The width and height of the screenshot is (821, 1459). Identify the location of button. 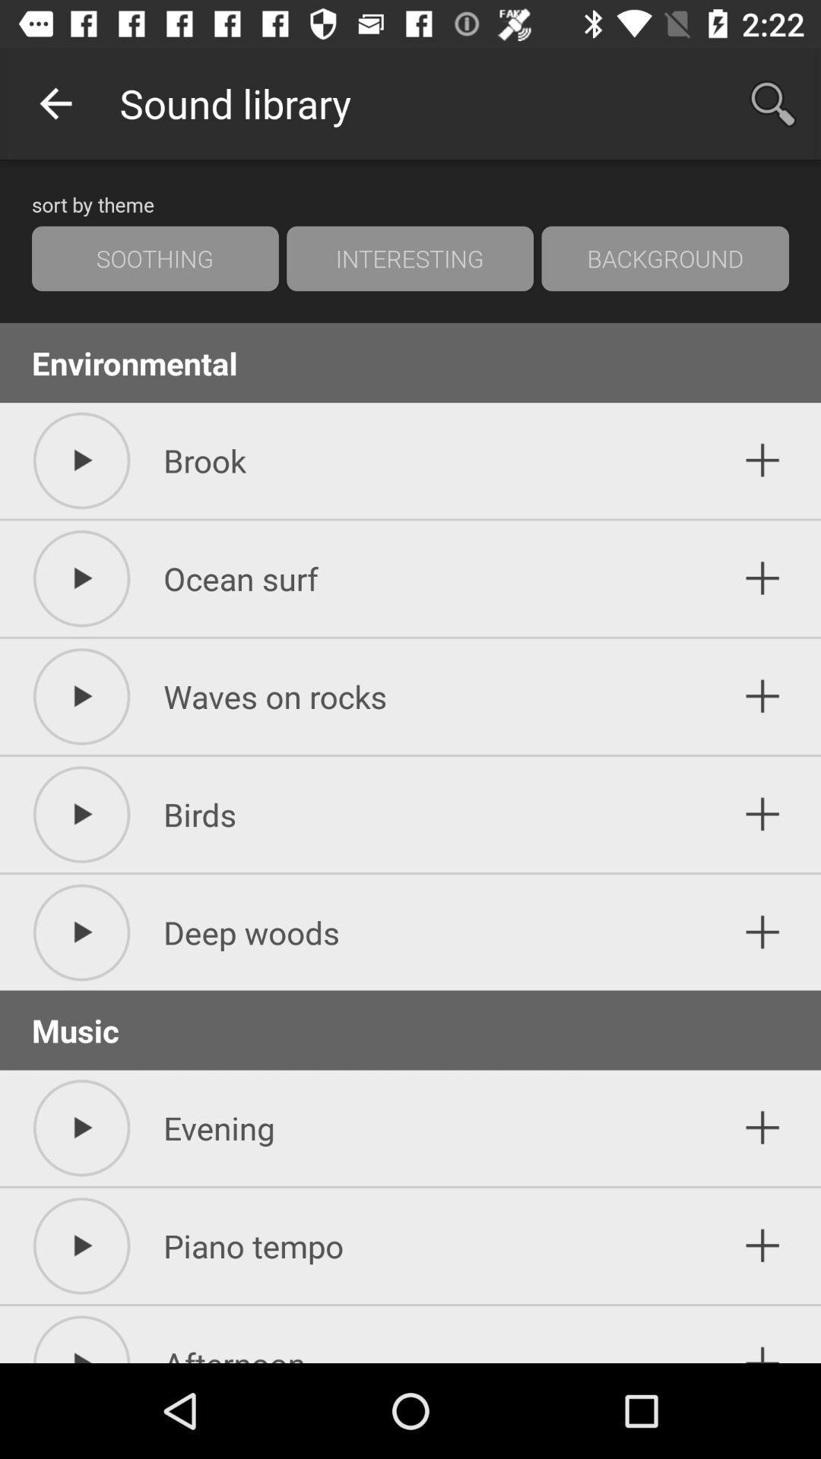
(762, 460).